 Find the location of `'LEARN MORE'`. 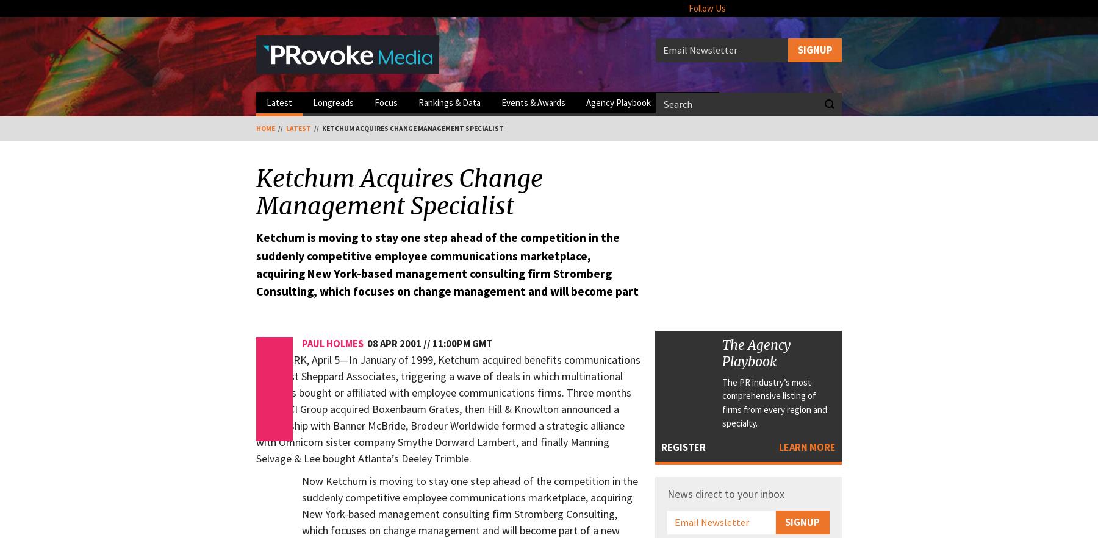

'LEARN MORE' is located at coordinates (778, 446).